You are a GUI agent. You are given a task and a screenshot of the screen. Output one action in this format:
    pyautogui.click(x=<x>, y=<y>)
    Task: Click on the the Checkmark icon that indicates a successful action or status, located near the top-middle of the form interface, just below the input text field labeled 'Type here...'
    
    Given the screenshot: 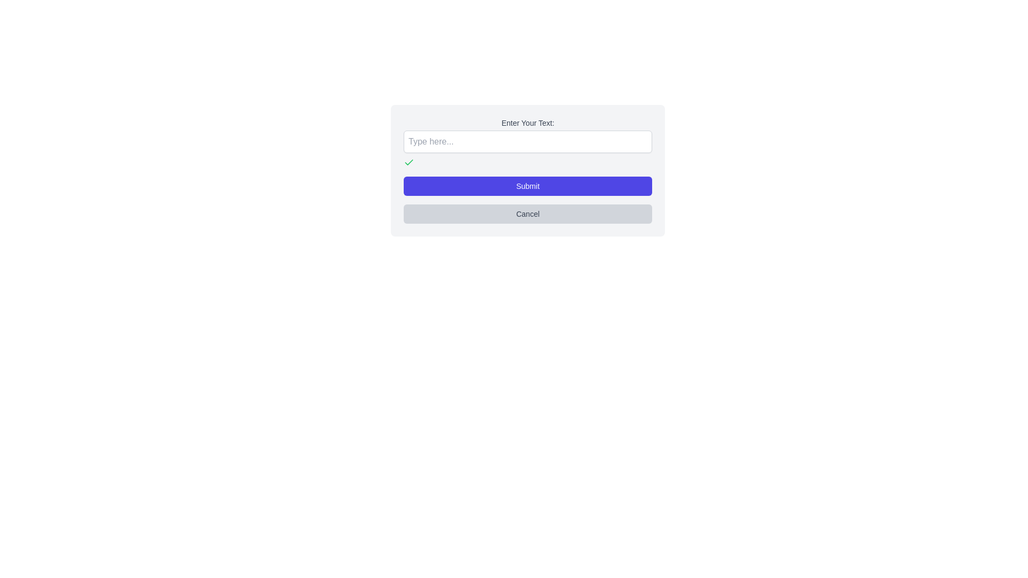 What is the action you would take?
    pyautogui.click(x=408, y=162)
    